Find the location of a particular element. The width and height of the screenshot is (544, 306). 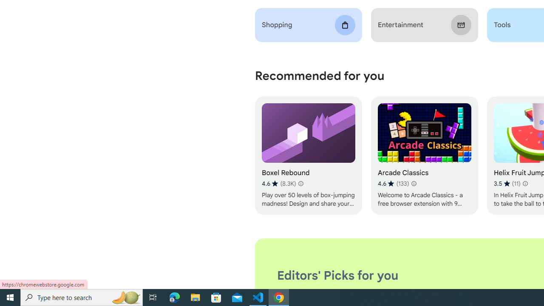

'Average rating 4.6 out of 5 stars. 133 ratings.' is located at coordinates (393, 183).